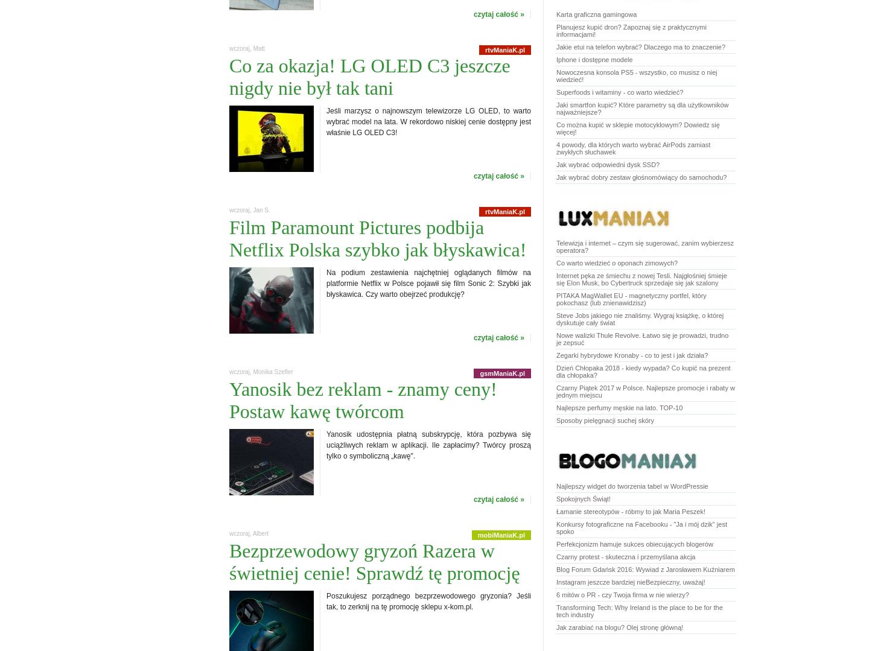  I want to click on 'Nowoczesna konsola PS5 - wszystko, co musisz o niej wiedzieć!', so click(637, 75).